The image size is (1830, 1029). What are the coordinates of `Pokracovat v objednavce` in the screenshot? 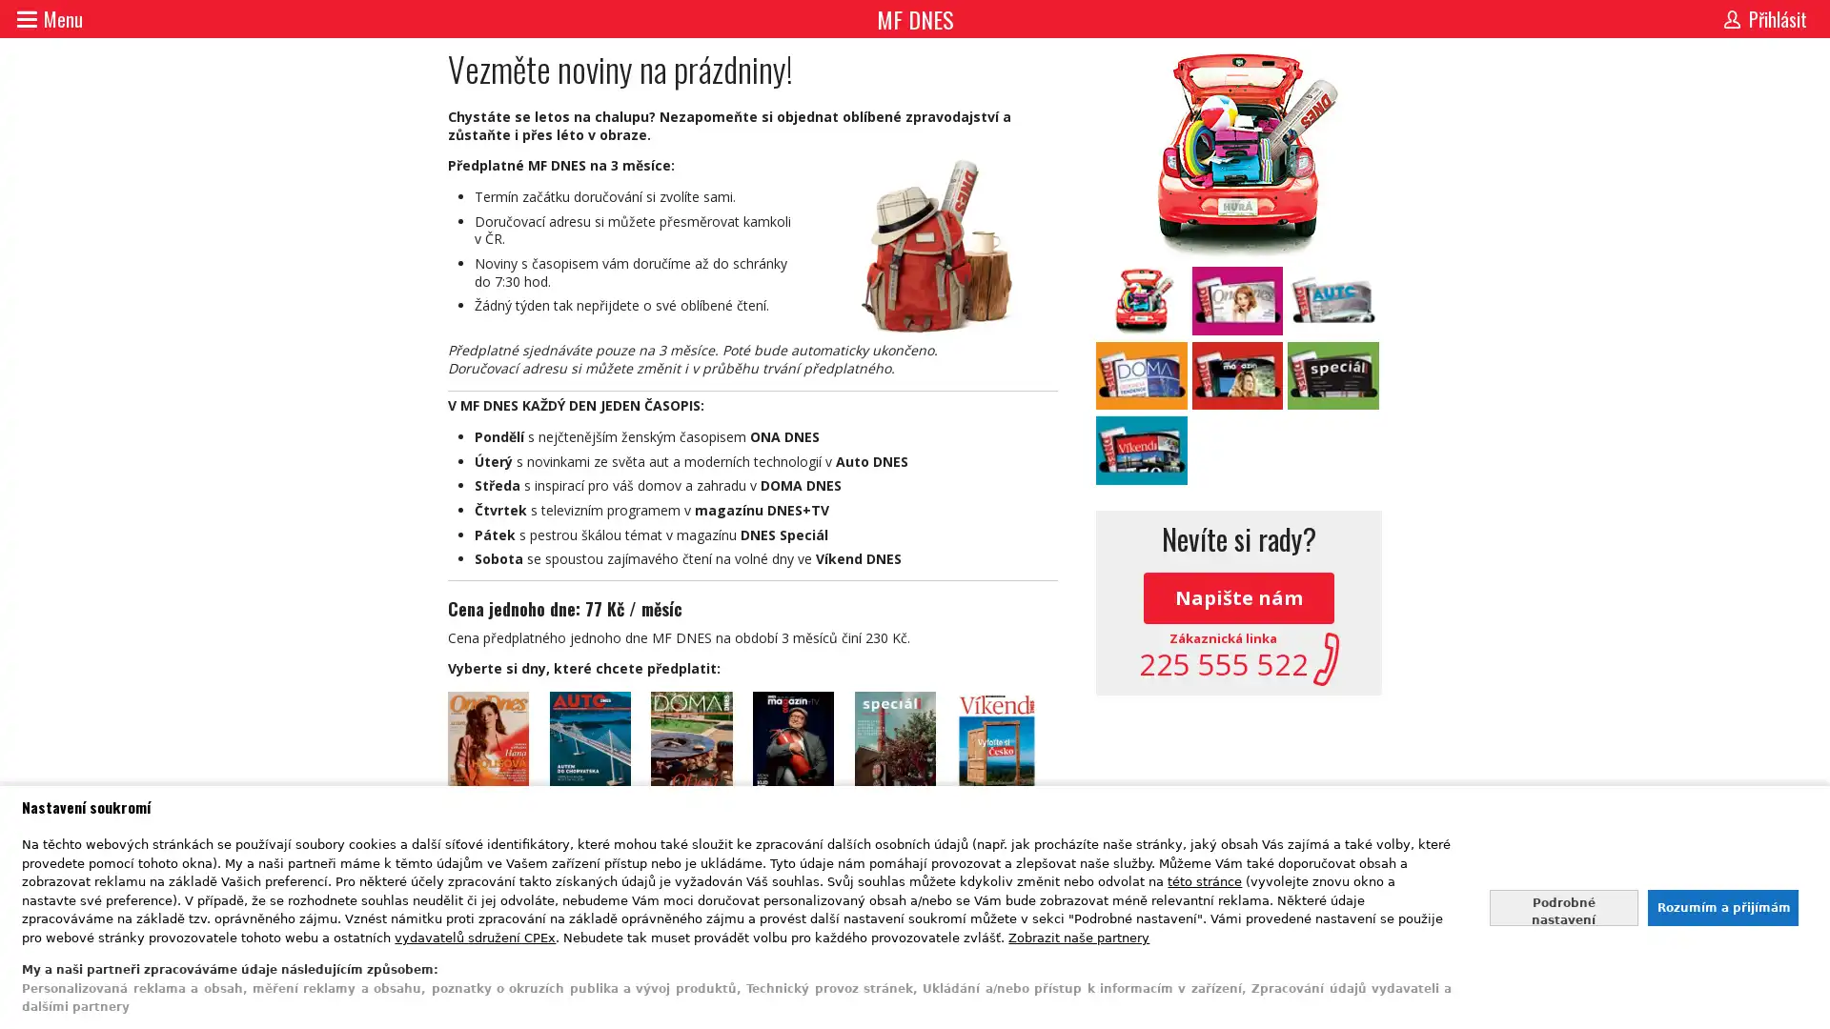 It's located at (752, 881).